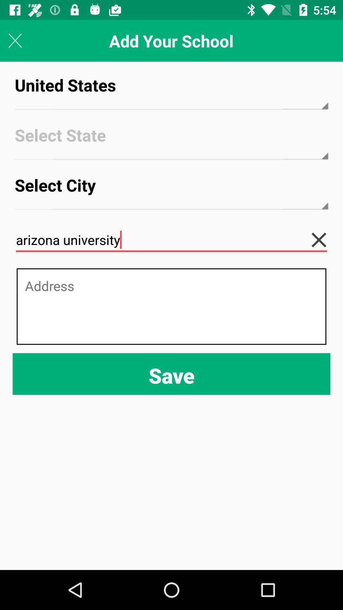  I want to click on united states item, so click(171, 91).